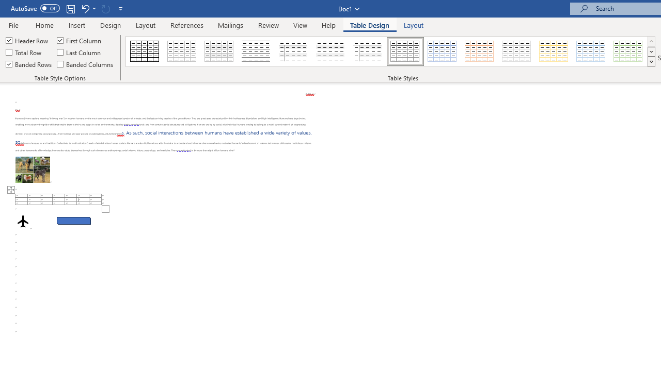 The height and width of the screenshot is (371, 661). What do you see at coordinates (651, 62) in the screenshot?
I see `'Table Styles'` at bounding box center [651, 62].